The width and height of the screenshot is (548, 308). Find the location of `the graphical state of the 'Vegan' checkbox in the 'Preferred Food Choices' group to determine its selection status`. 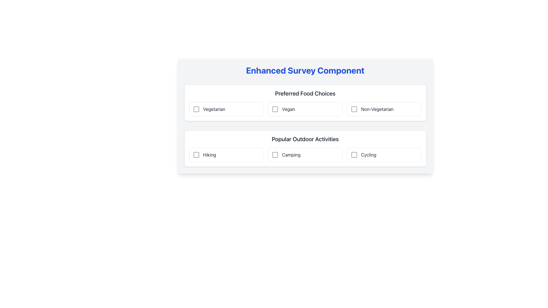

the graphical state of the 'Vegan' checkbox in the 'Preferred Food Choices' group to determine its selection status is located at coordinates (275, 109).